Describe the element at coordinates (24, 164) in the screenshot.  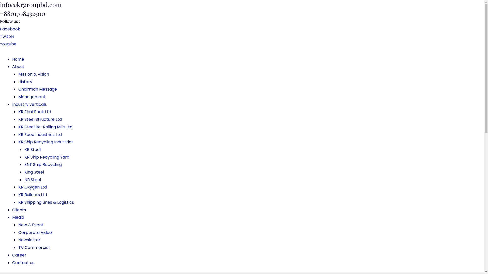
I see `'SNT Ship Recycling'` at that location.